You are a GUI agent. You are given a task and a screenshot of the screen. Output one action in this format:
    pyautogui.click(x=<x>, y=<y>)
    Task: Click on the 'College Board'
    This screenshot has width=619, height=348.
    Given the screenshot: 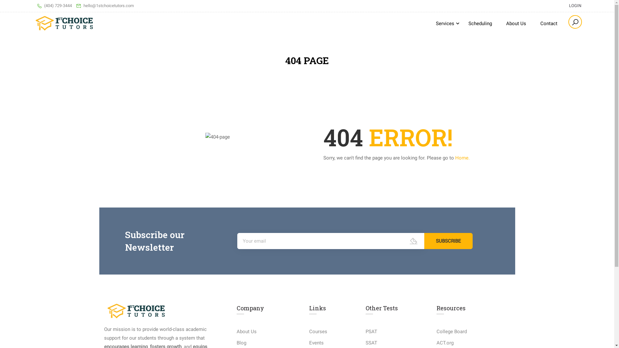 What is the action you would take?
    pyautogui.click(x=451, y=332)
    